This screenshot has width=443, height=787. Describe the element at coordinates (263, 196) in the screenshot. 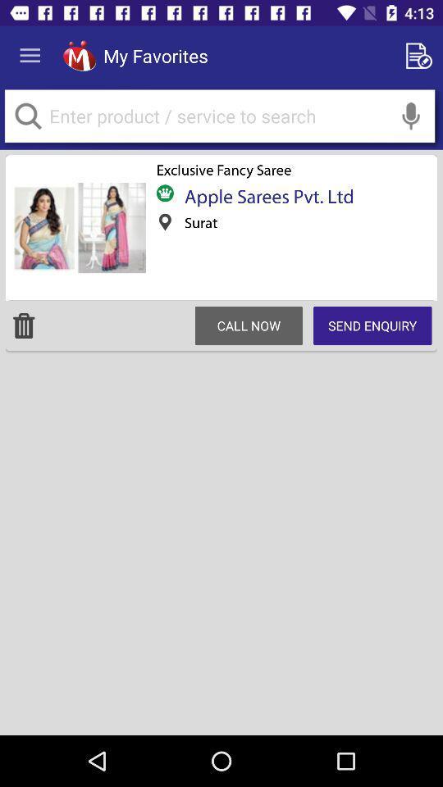

I see `the item below exclusive fancy saree` at that location.